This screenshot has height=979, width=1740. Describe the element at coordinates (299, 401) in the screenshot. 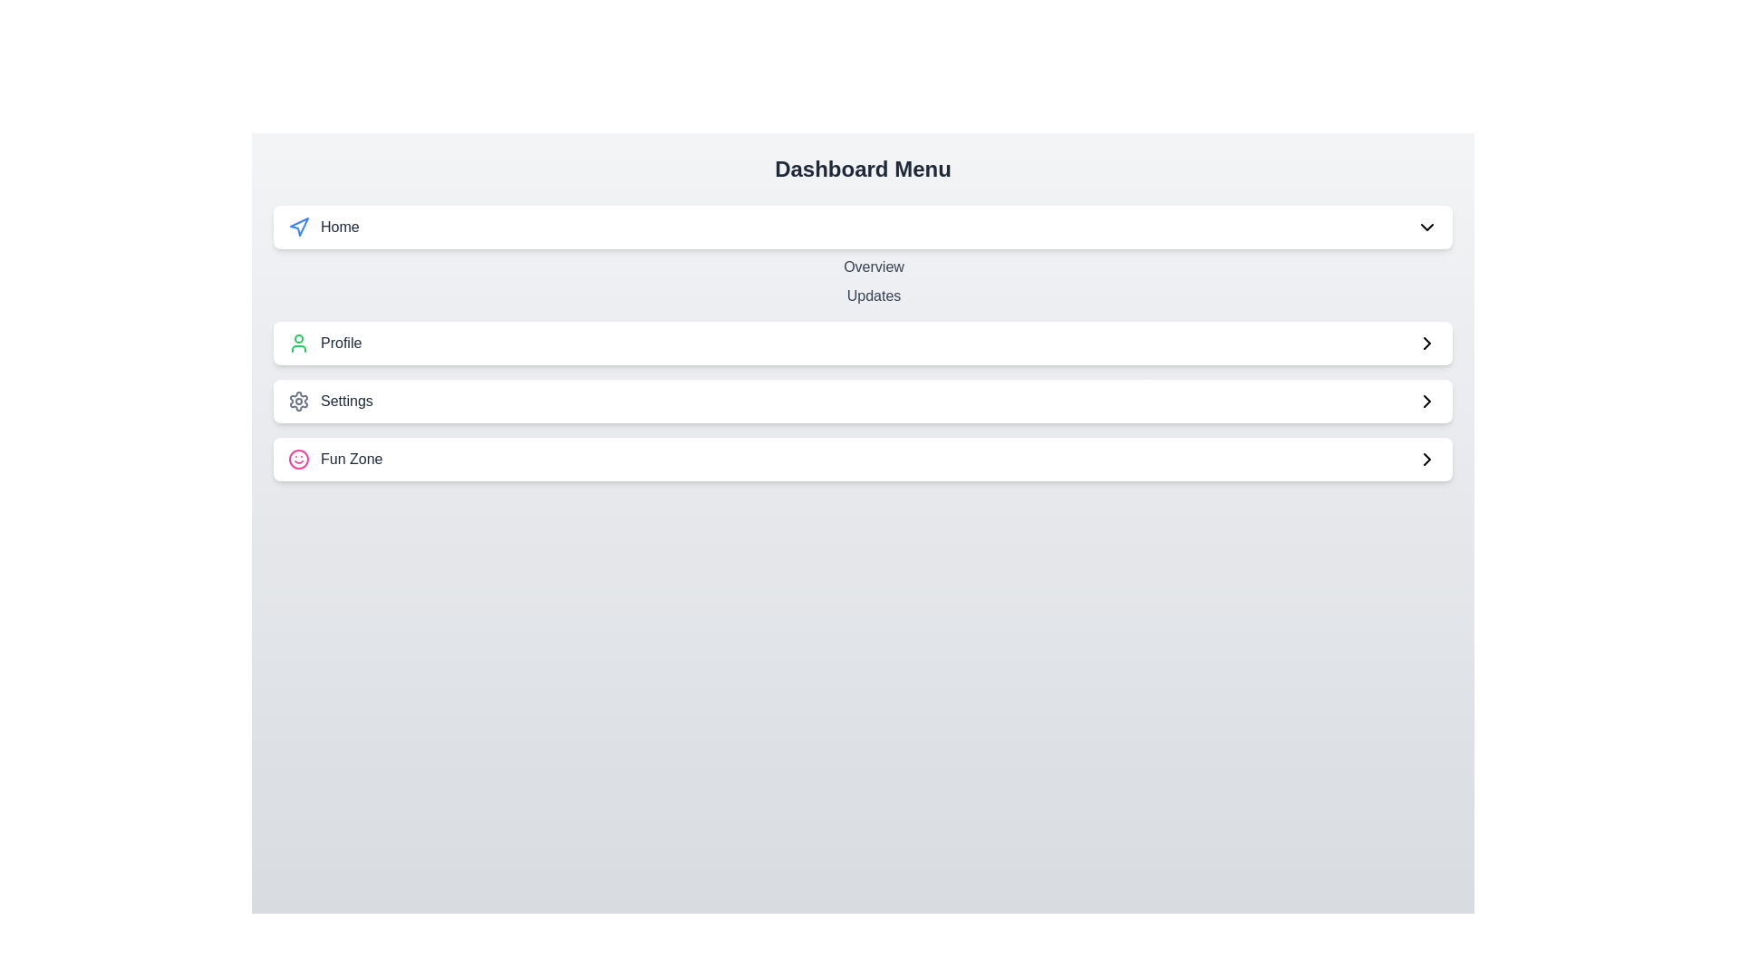

I see `the gear-like icon located in the 'Settings' row of the vertical navigation menu` at that location.